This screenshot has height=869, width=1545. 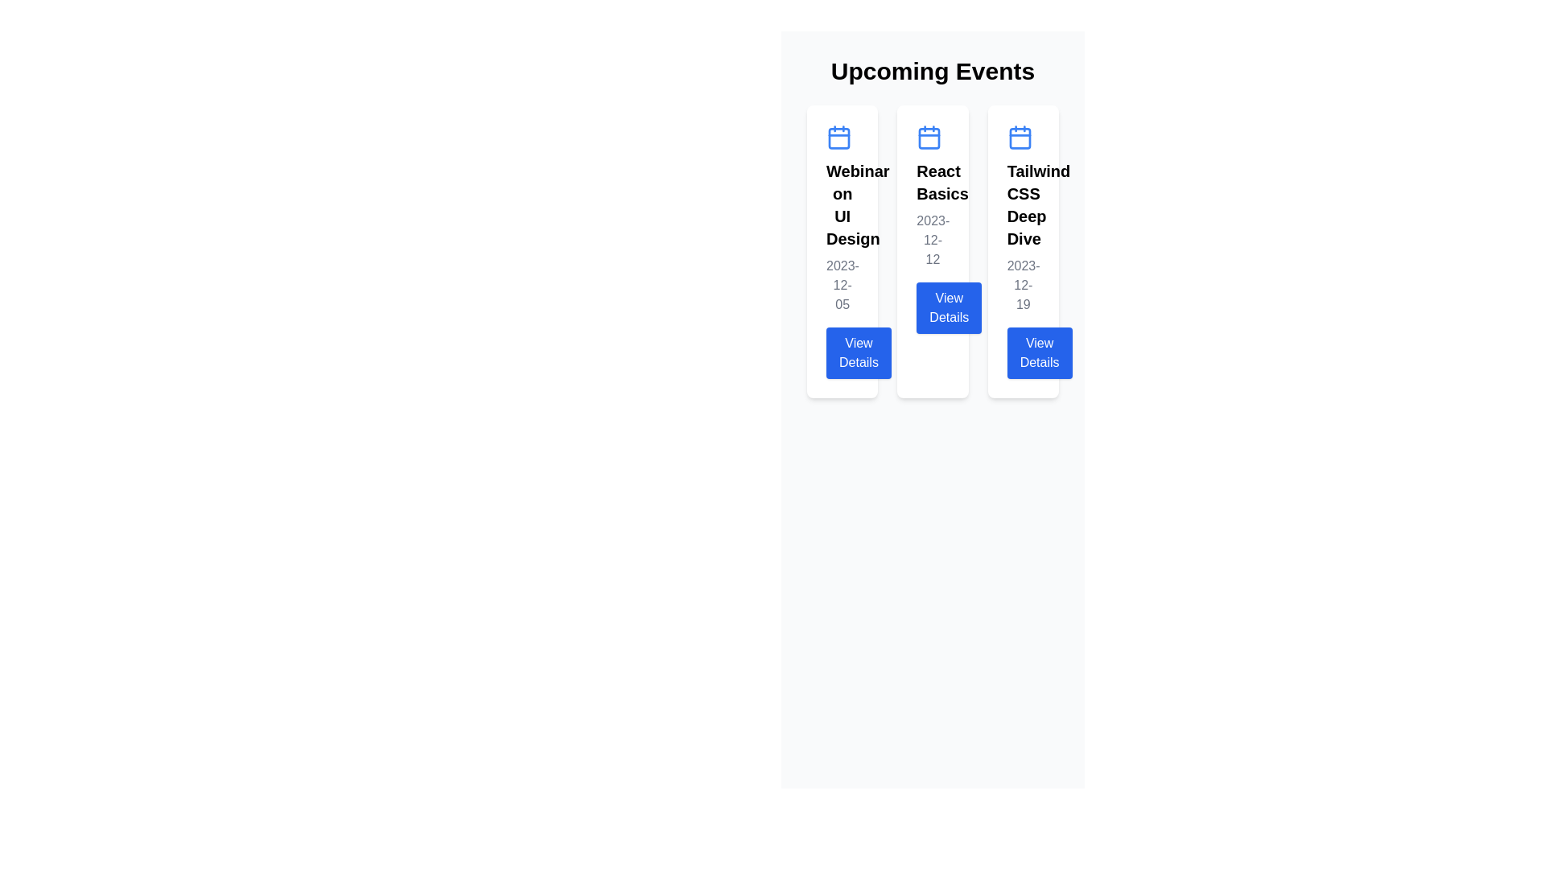 What do you see at coordinates (933, 182) in the screenshot?
I see `the text label that serves as the title for the event card, positioned below the calendar icon in the second card of a horizontally-aligned list` at bounding box center [933, 182].